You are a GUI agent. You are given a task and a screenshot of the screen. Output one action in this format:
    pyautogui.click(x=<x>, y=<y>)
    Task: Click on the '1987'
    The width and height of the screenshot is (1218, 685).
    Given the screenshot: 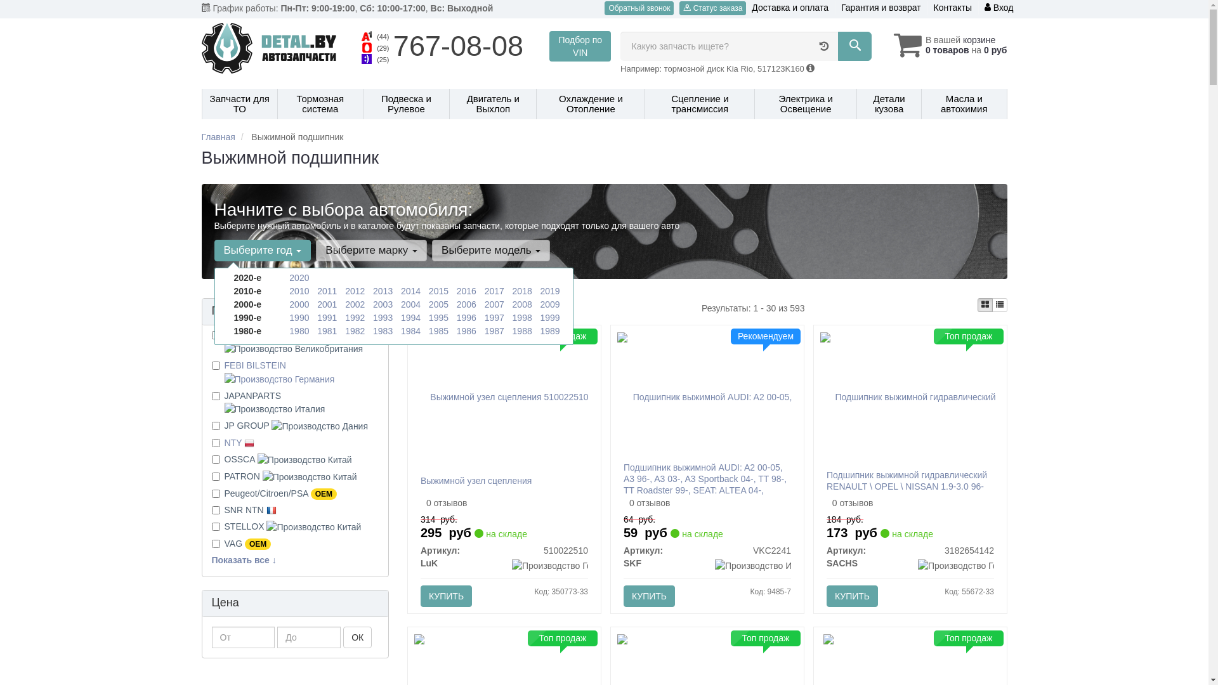 What is the action you would take?
    pyautogui.click(x=483, y=330)
    